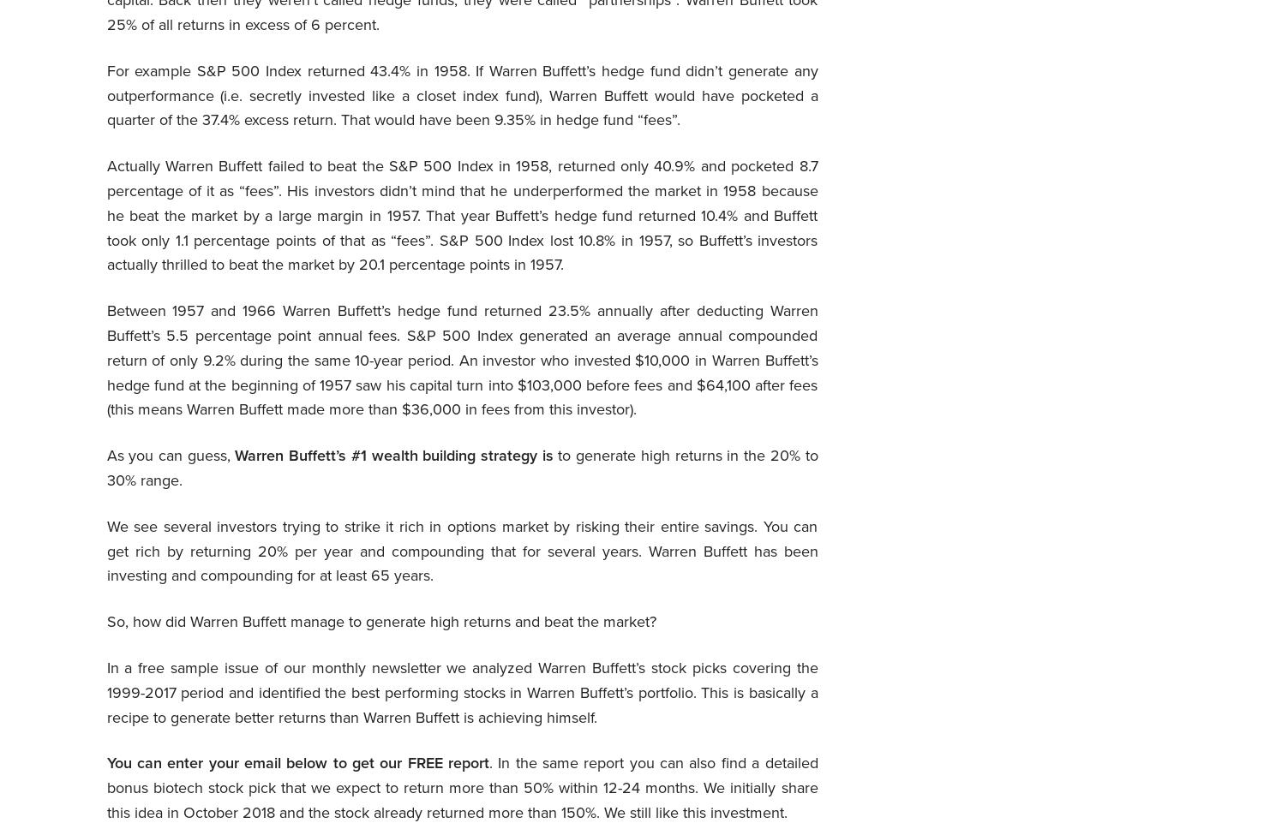 The width and height of the screenshot is (1276, 829). Describe the element at coordinates (393, 455) in the screenshot. I see `'Warren Buffett’s #1 wealth building strategy is'` at that location.